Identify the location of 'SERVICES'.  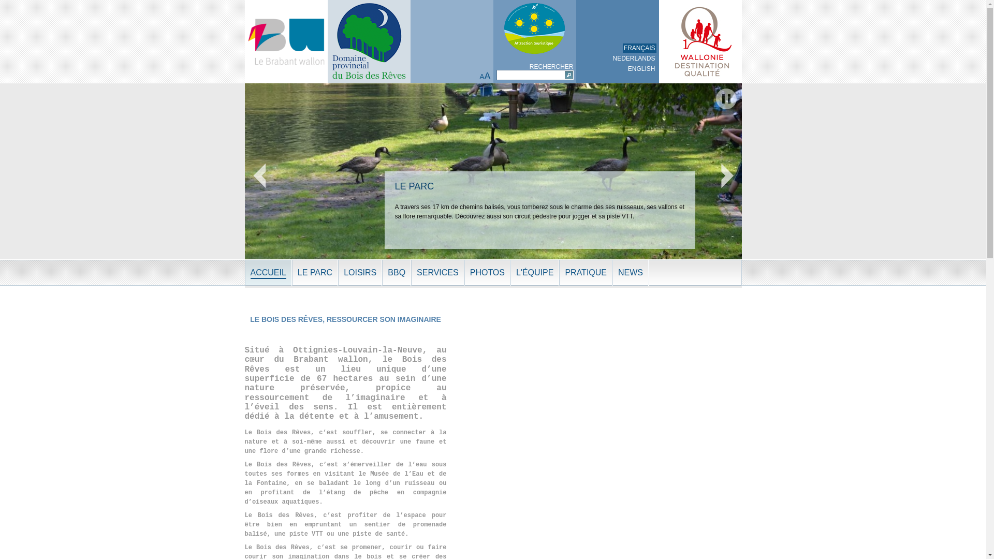
(437, 272).